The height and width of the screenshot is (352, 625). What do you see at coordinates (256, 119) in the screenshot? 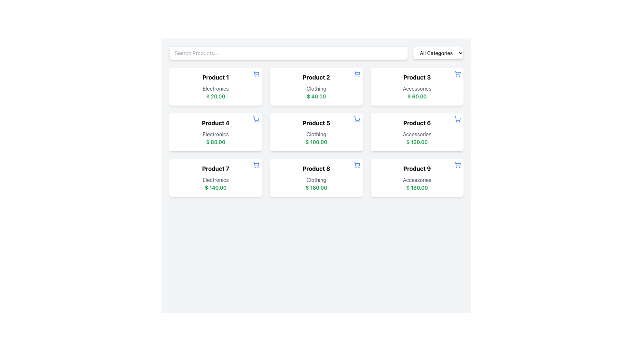
I see `the 'Add to Cart' button for 'Product 4'` at bounding box center [256, 119].